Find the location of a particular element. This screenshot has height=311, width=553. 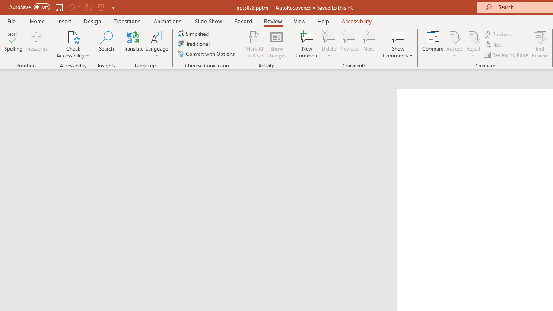

'Convert with Options...' is located at coordinates (207, 54).